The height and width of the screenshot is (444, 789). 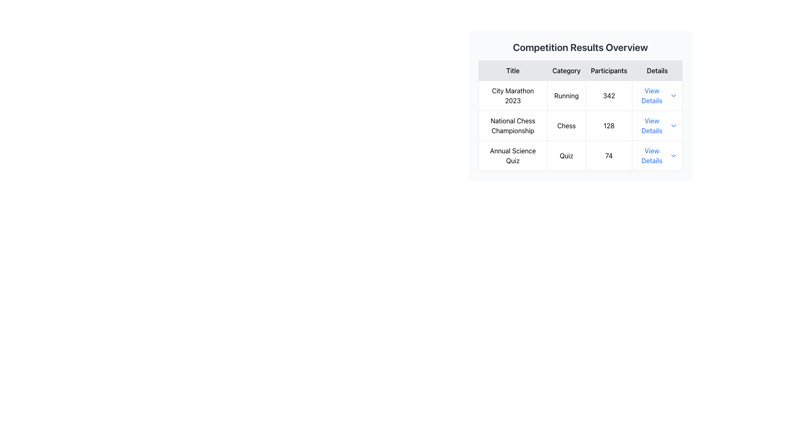 What do you see at coordinates (580, 47) in the screenshot?
I see `title text 'Competition Results Overview' which is displayed in a large, bold, and dark font above the table structure` at bounding box center [580, 47].